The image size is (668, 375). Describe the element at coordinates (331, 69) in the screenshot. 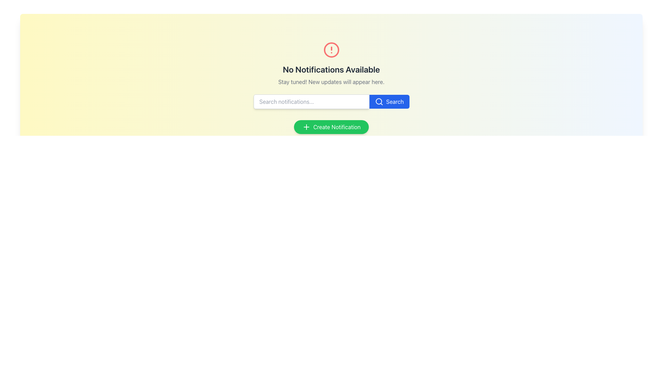

I see `the static text label element that reads 'No Notifications Available', which is a large, bold, dark gray text centered above a smaller, lighter gray text` at that location.